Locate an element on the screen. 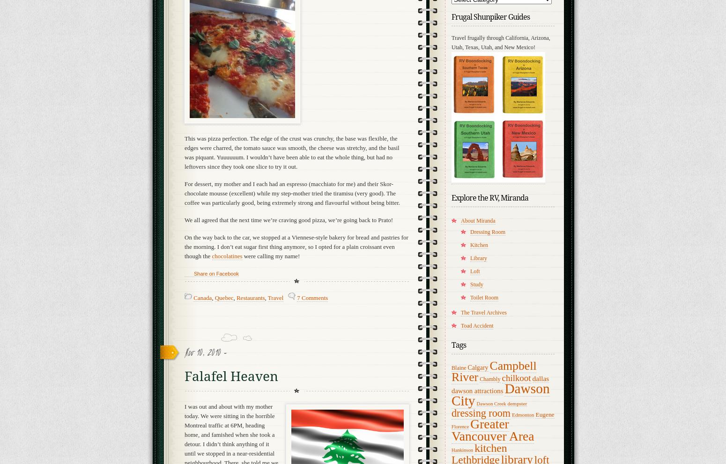 This screenshot has height=464, width=726. 'chilkoot' is located at coordinates (516, 377).